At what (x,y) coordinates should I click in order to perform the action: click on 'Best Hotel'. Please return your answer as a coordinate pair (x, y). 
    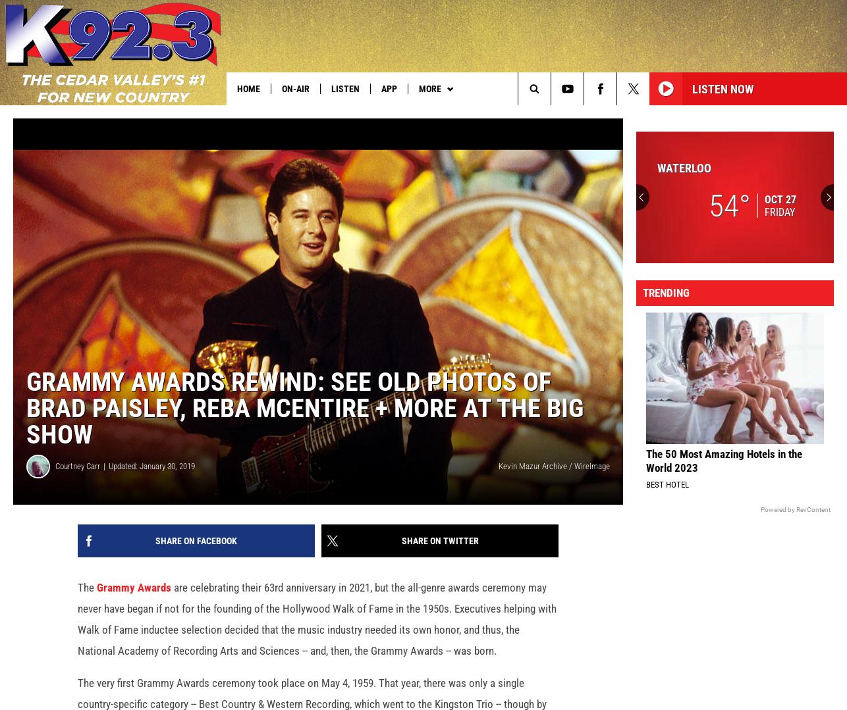
    Looking at the image, I should click on (645, 505).